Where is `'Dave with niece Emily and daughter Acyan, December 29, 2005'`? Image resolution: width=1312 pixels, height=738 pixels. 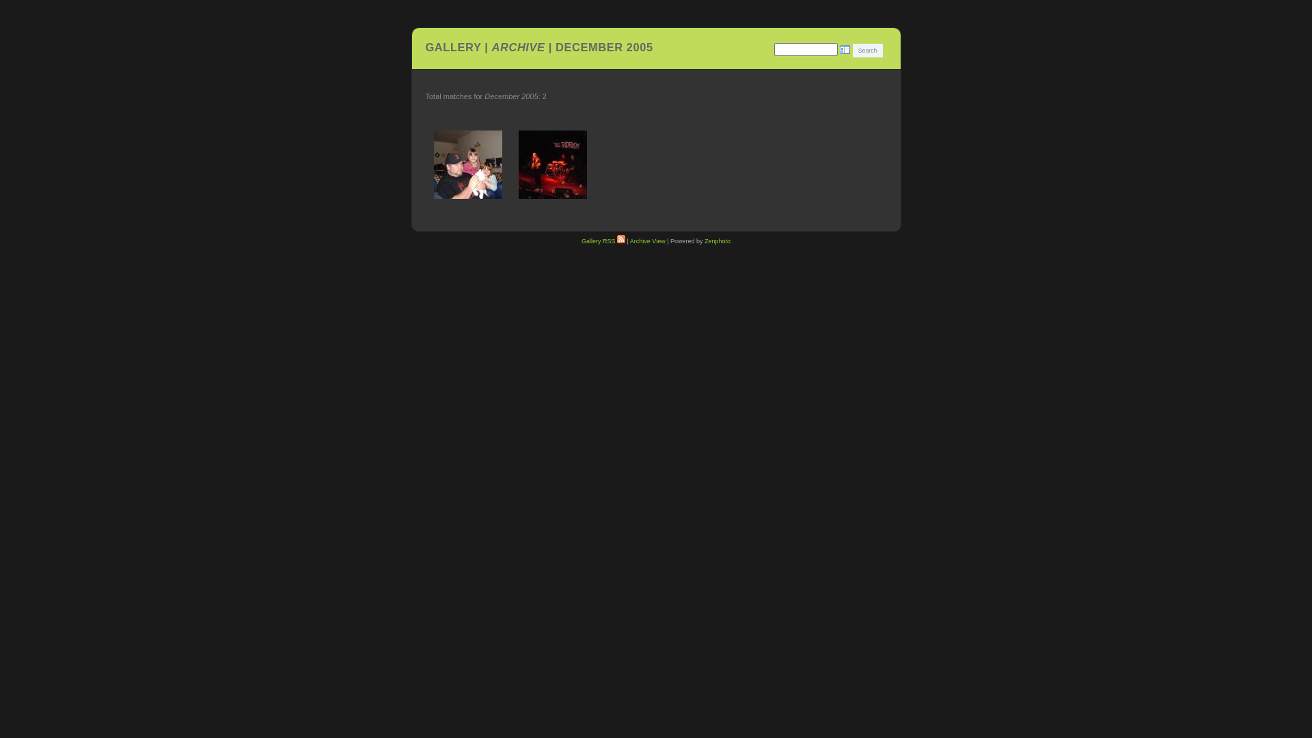
'Dave with niece Emily and daughter Acyan, December 29, 2005' is located at coordinates (428, 163).